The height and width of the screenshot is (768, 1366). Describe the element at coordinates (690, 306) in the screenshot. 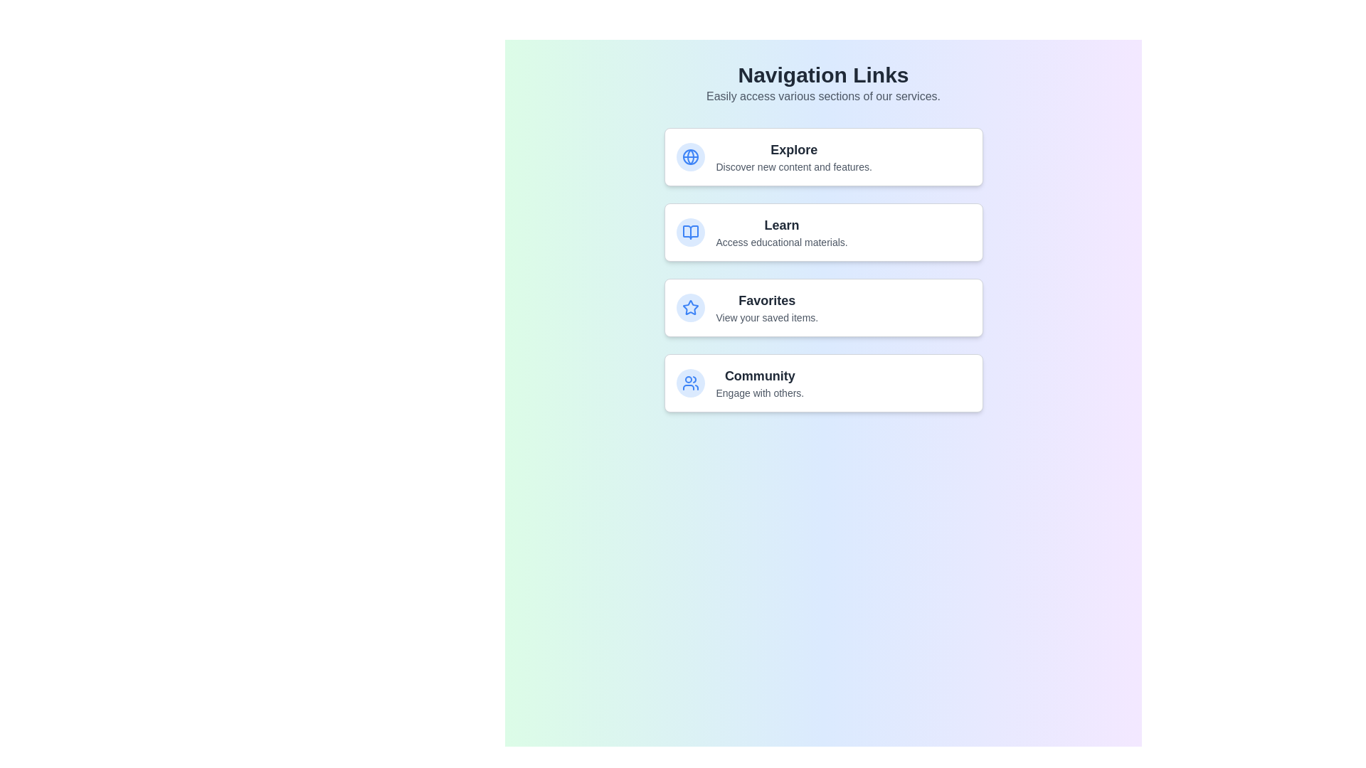

I see `the 'Favorites' icon located at the leftmost part of the 'Favorites' card, above the text 'Favorites' and 'View your saved items.'` at that location.